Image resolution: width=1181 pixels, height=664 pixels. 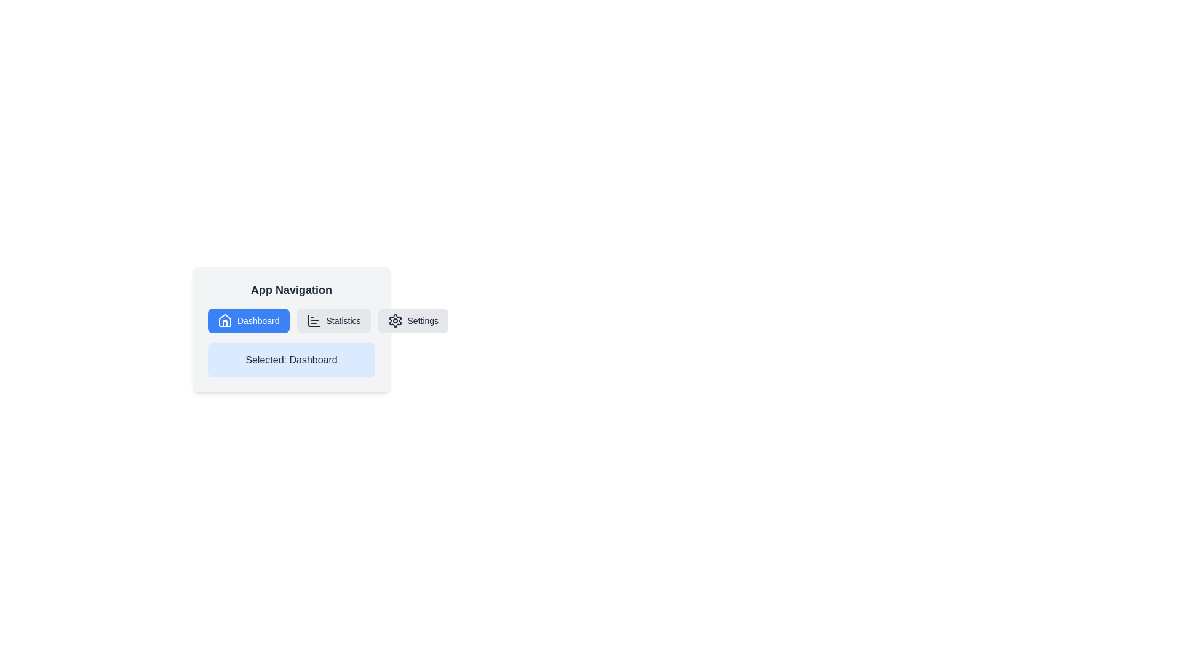 I want to click on the first button in a horizontal group of three buttons on the left side of the interface, so click(x=248, y=320).